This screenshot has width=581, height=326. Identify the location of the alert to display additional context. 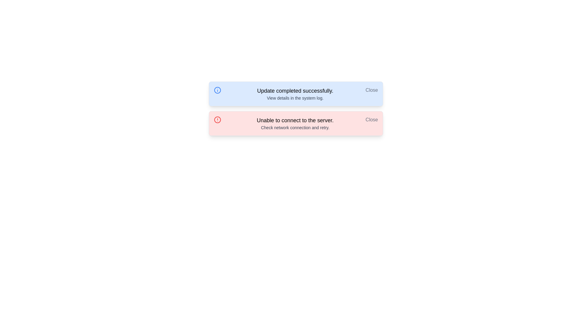
(296, 94).